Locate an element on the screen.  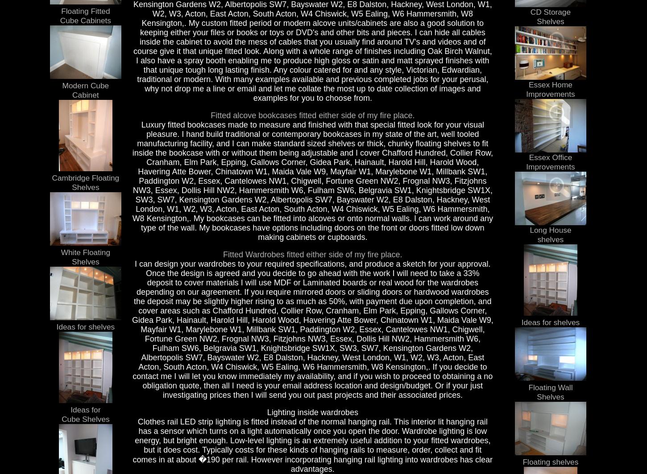
'Essex Office' is located at coordinates (528, 157).